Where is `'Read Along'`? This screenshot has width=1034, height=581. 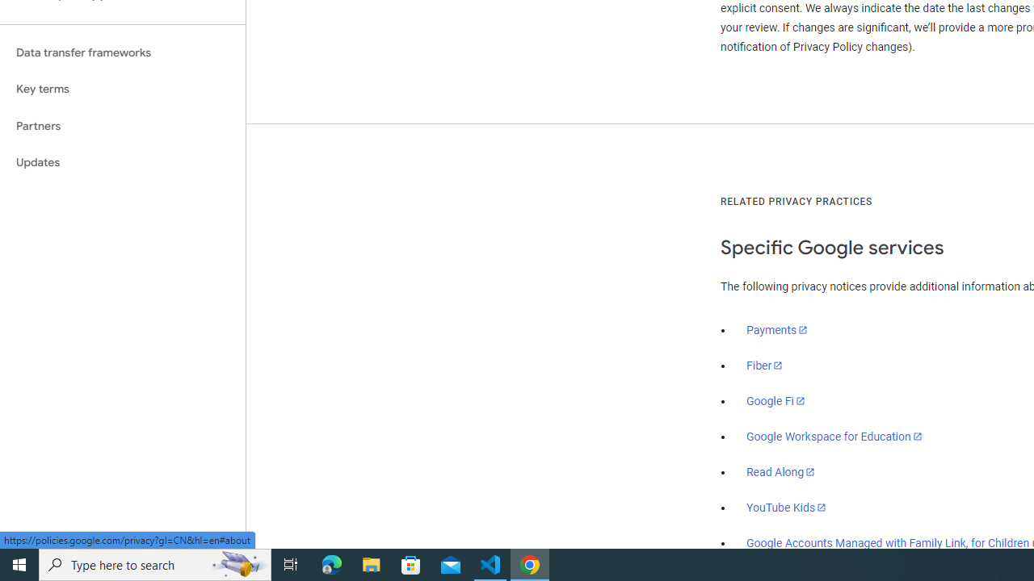 'Read Along' is located at coordinates (781, 472).